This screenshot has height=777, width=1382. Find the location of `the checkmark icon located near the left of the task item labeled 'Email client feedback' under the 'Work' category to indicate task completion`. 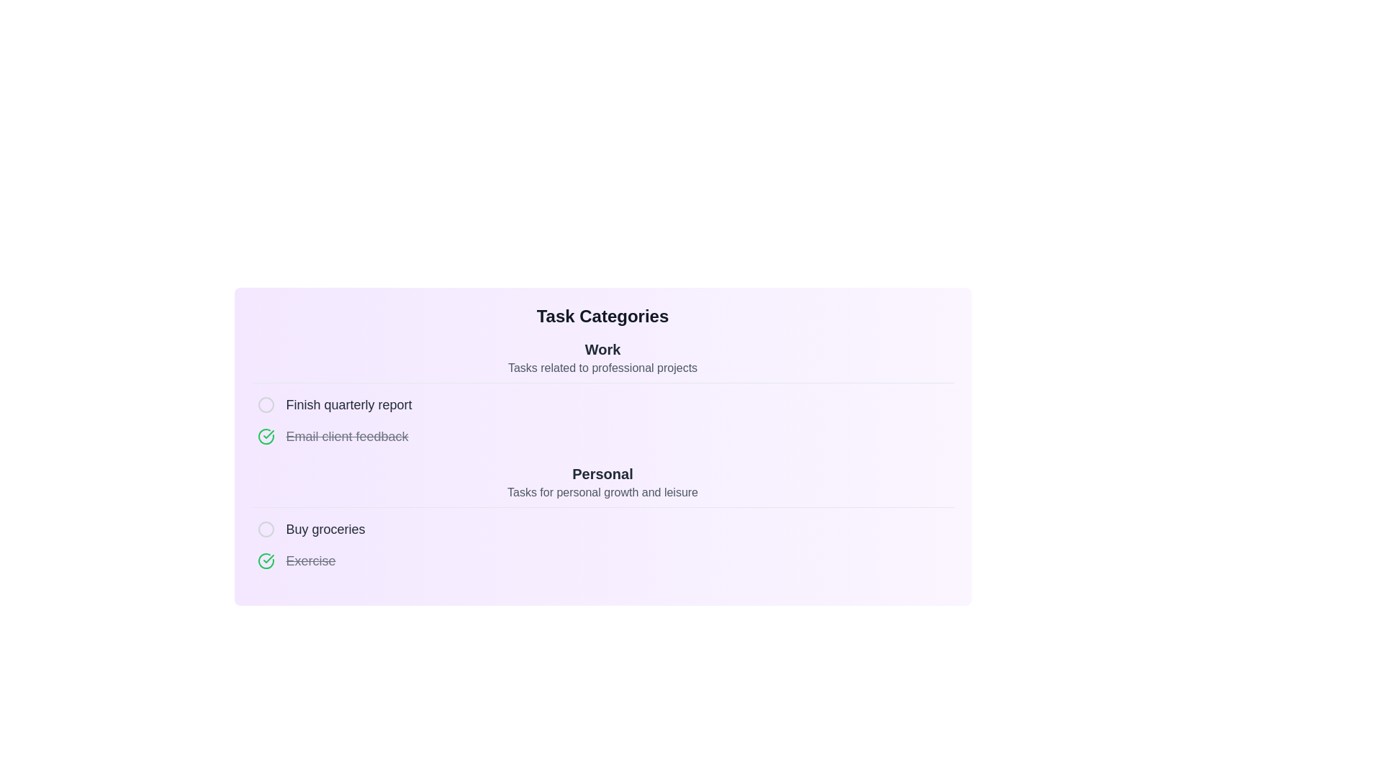

the checkmark icon located near the left of the task item labeled 'Email client feedback' under the 'Work' category to indicate task completion is located at coordinates (268, 558).